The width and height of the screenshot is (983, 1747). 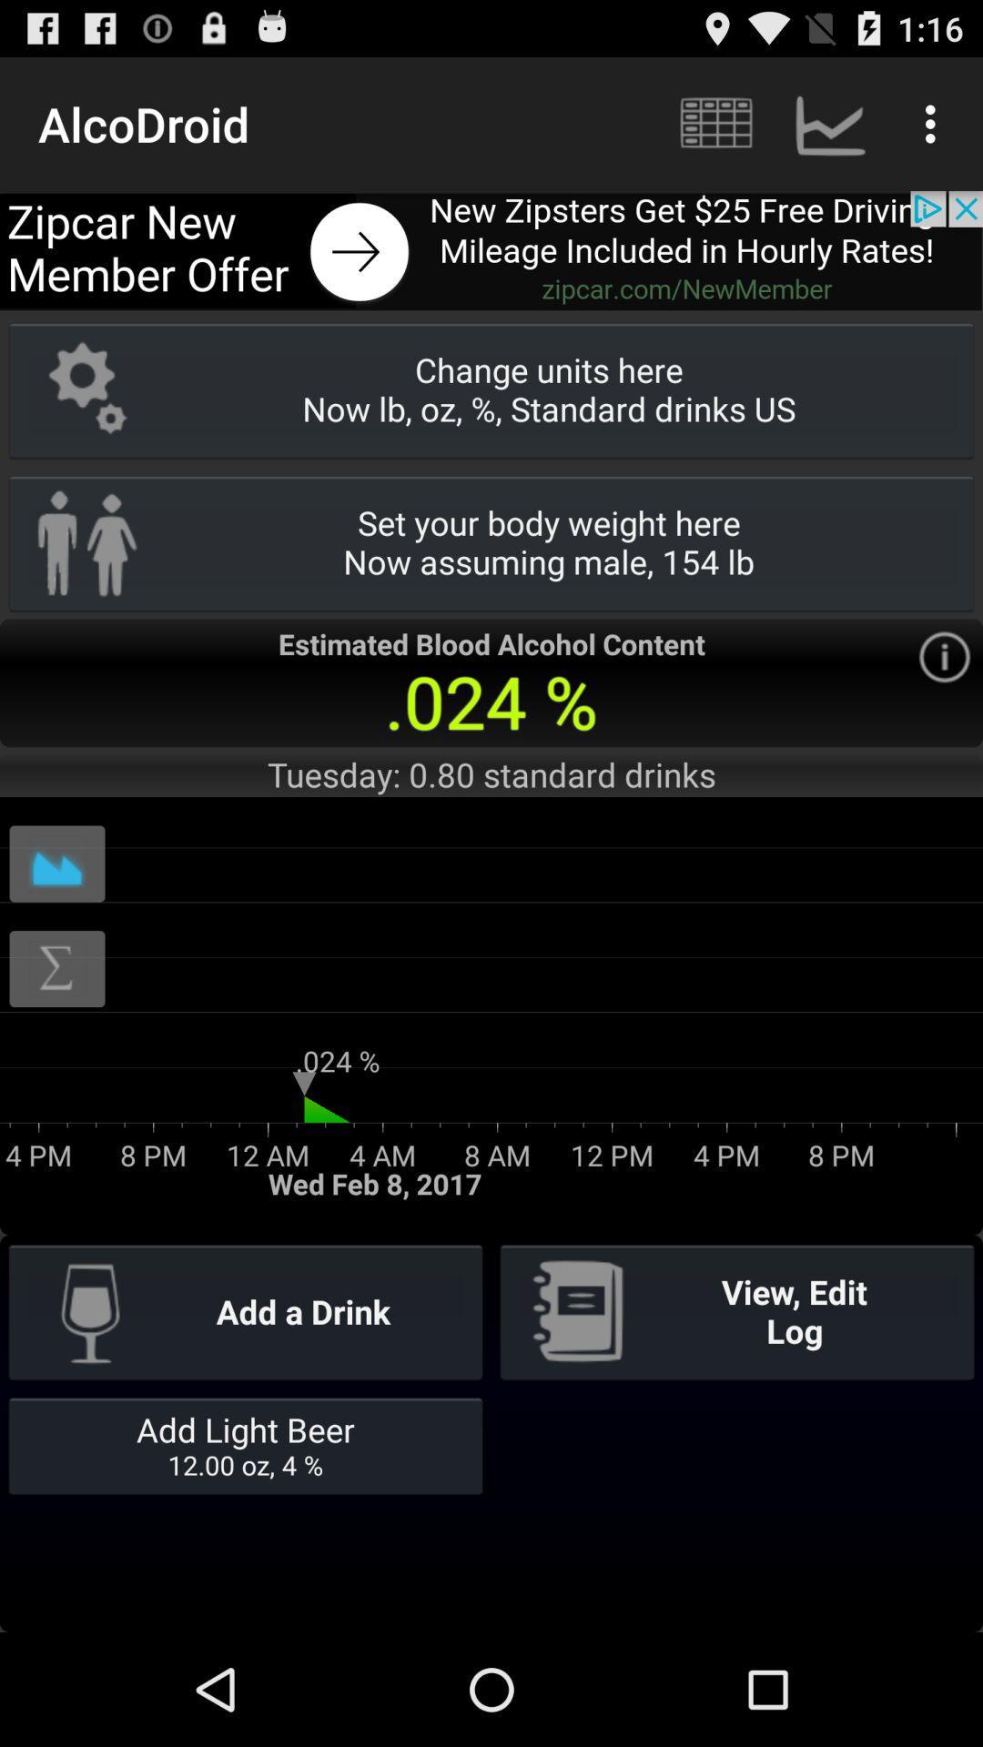 I want to click on graph, so click(x=56, y=863).